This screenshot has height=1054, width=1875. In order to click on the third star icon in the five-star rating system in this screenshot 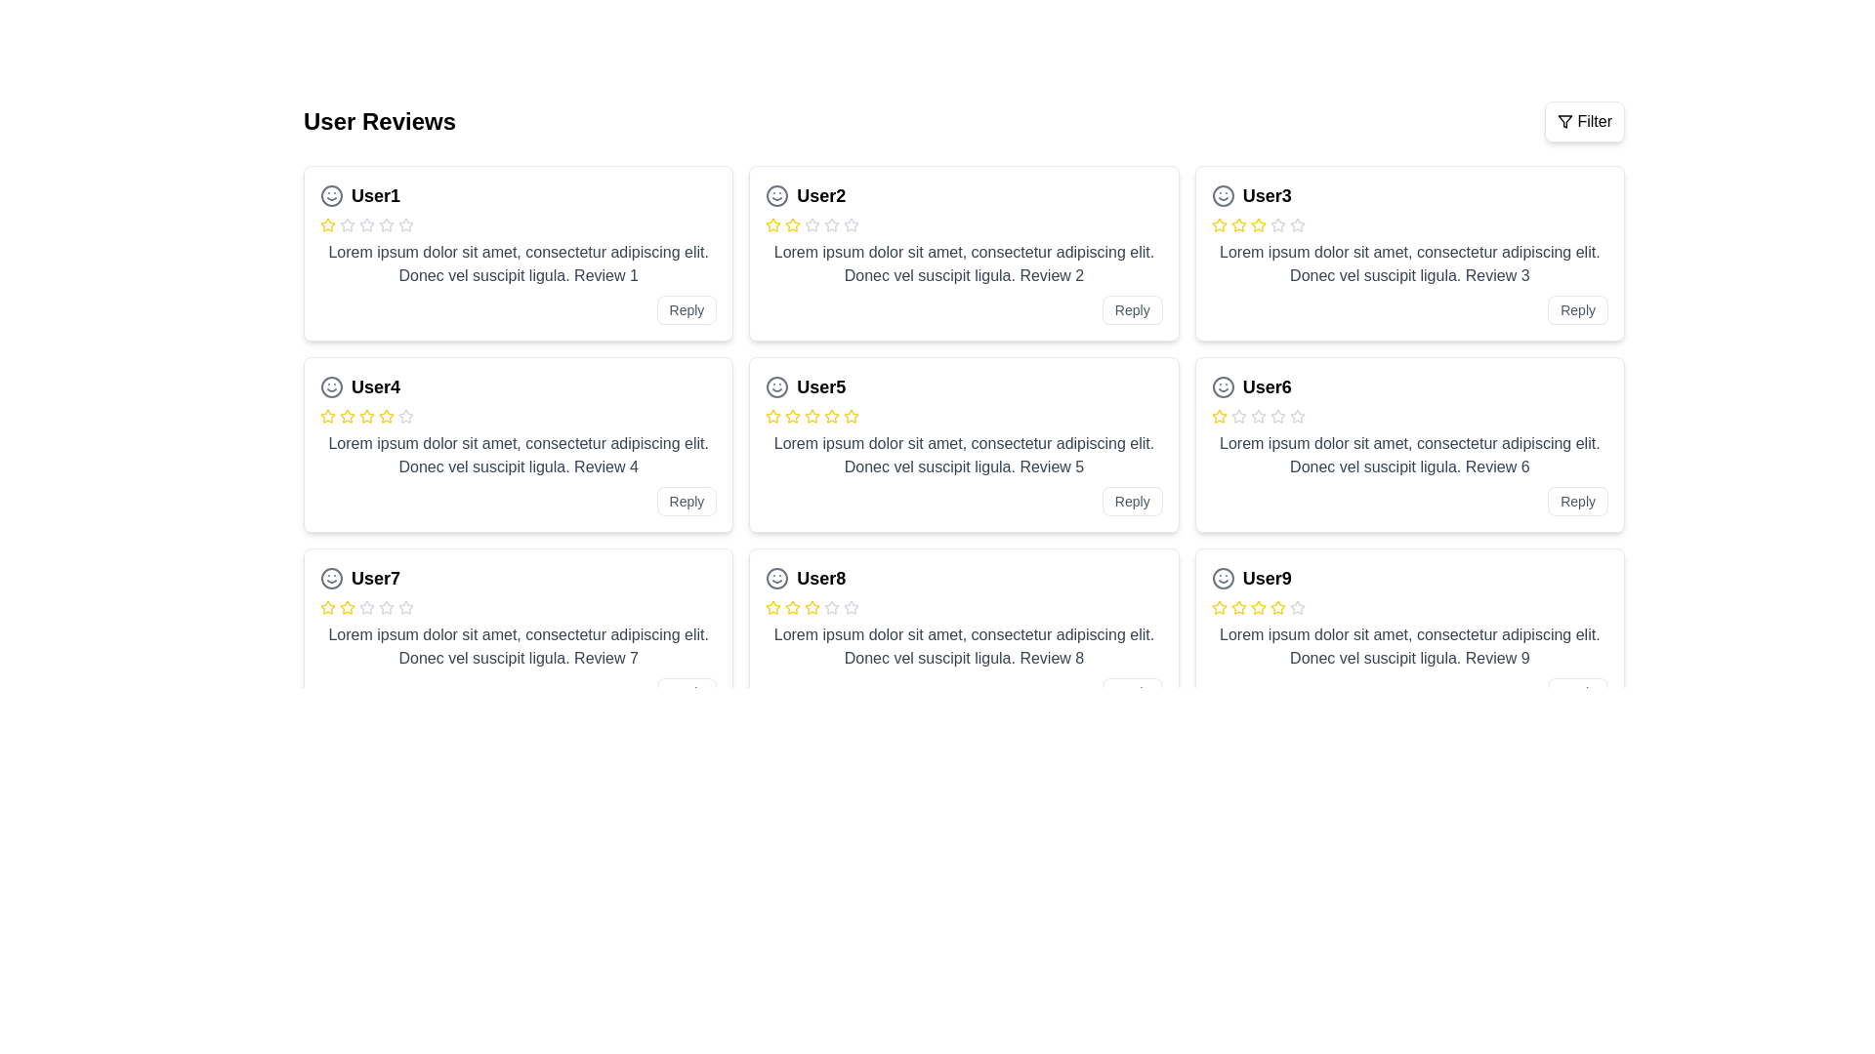, I will do `click(852, 415)`.